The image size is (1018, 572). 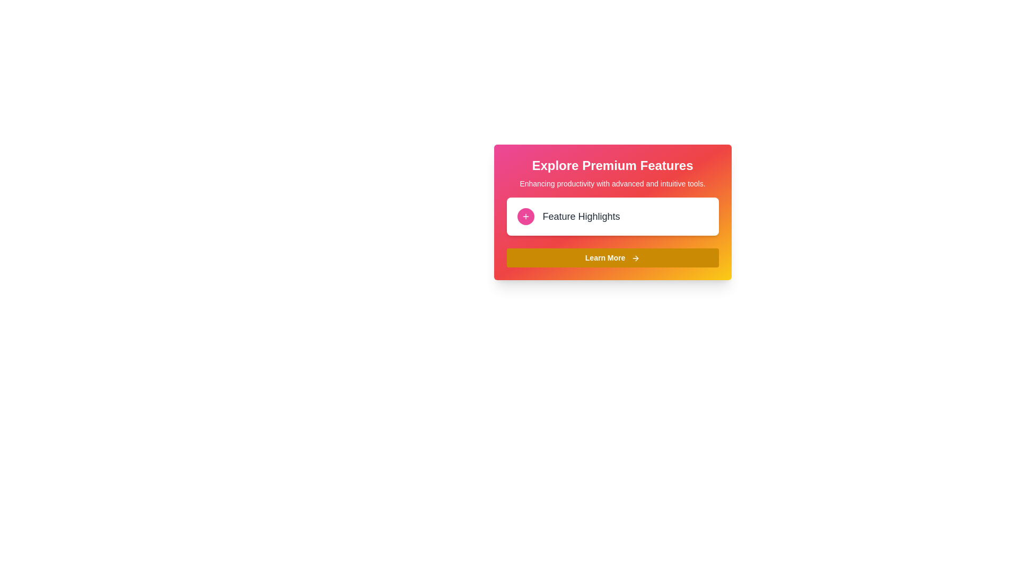 What do you see at coordinates (636, 258) in the screenshot?
I see `the navigation icon located on the right side of the 'Learn More' button at the bottom of the 'Explore Premium Features' card interface` at bounding box center [636, 258].